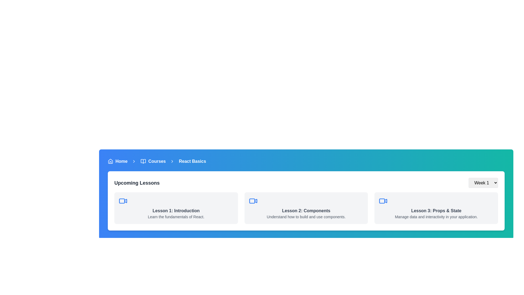 This screenshot has width=524, height=295. What do you see at coordinates (121, 161) in the screenshot?
I see `the hyperlink located to the right of the house icon and before the 'Courses' link` at bounding box center [121, 161].